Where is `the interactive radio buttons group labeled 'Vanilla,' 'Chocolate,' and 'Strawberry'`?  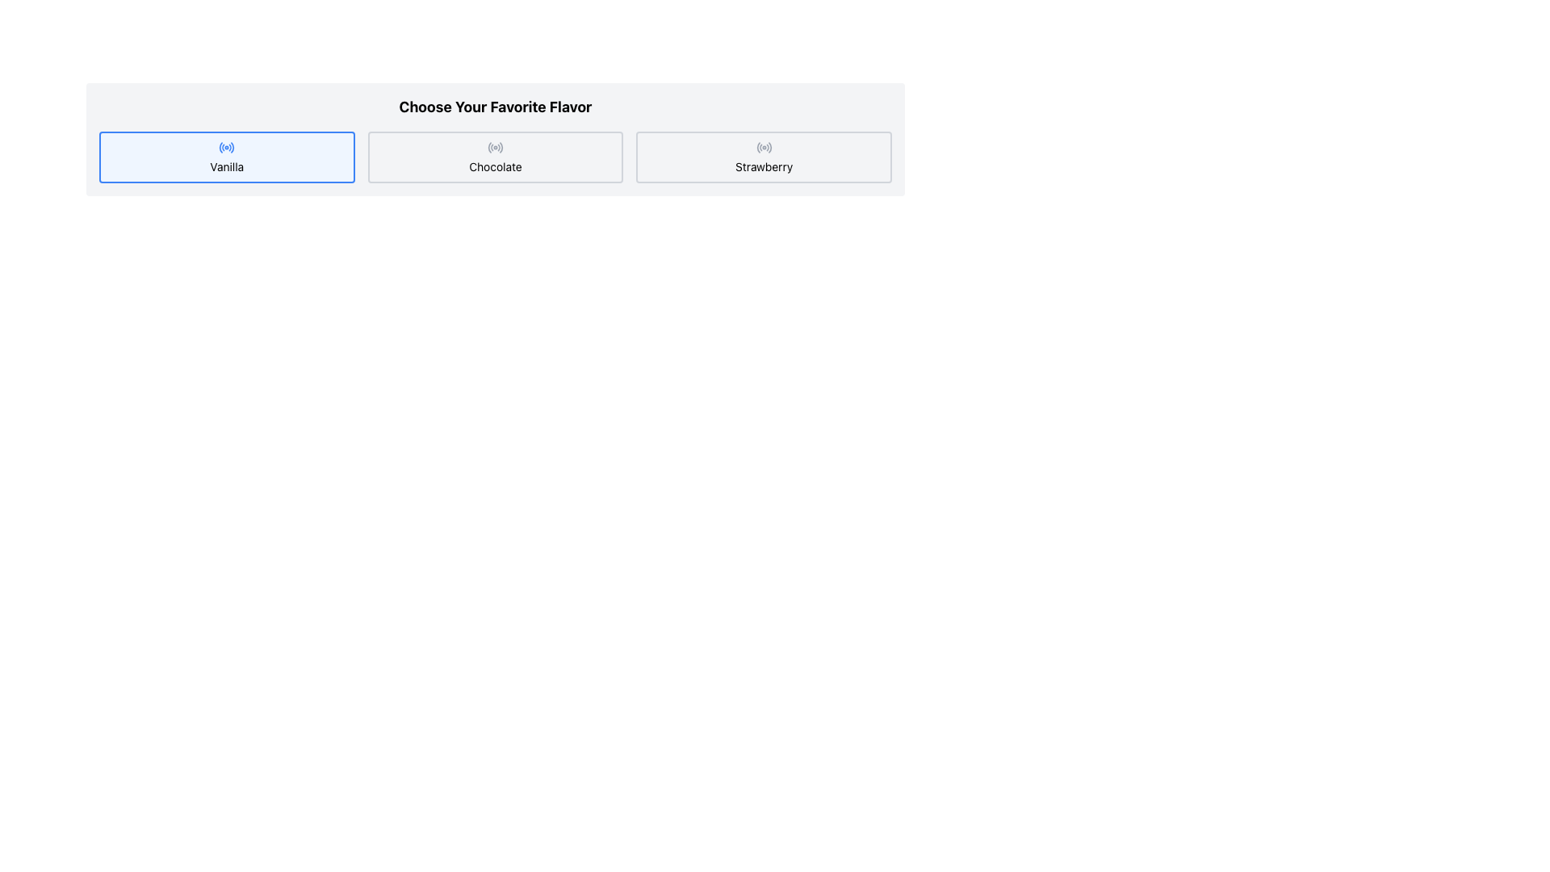
the interactive radio buttons group labeled 'Vanilla,' 'Chocolate,' and 'Strawberry' is located at coordinates (495, 157).